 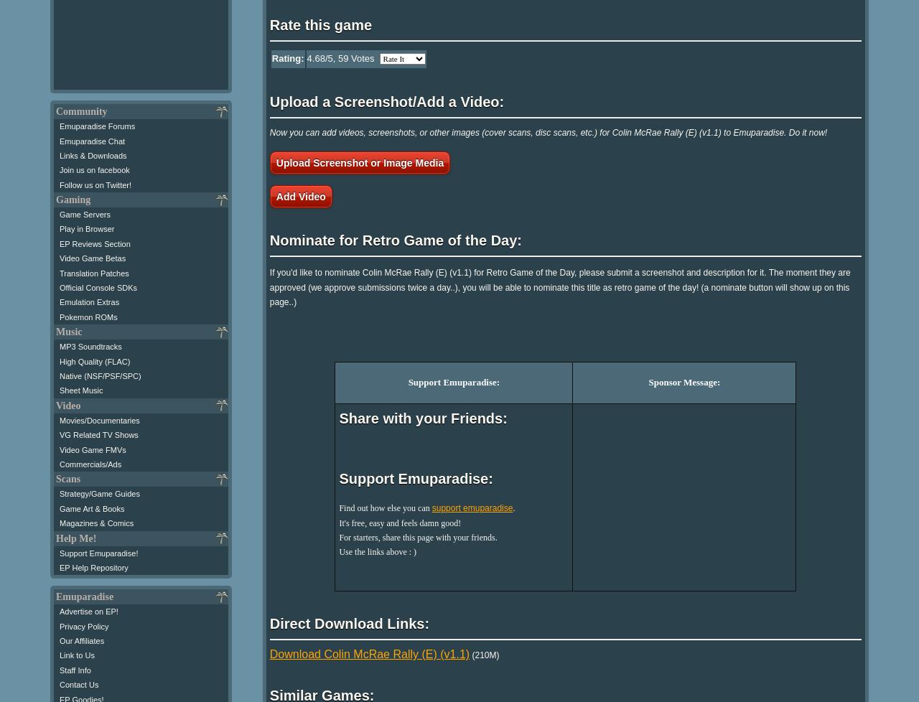 I want to click on 'Official Console SDKs', so click(x=58, y=286).